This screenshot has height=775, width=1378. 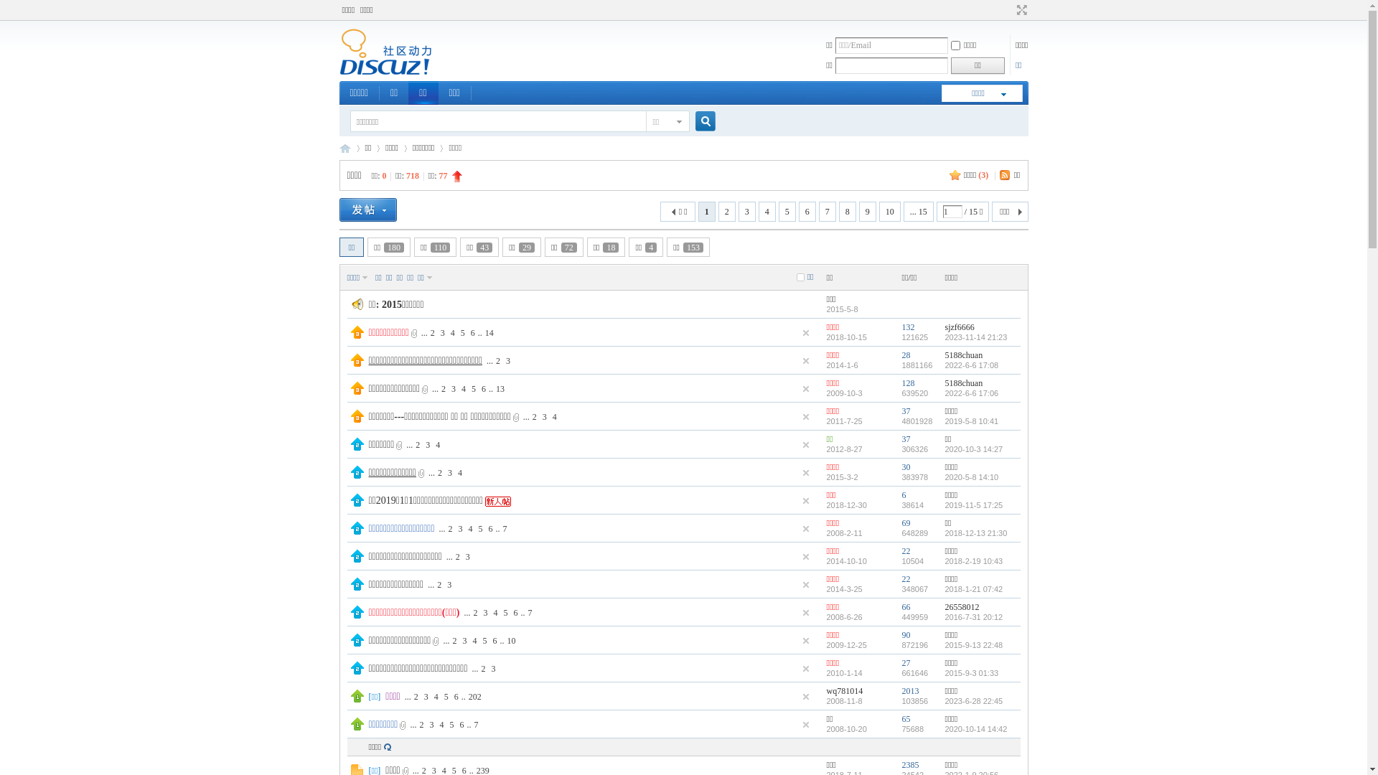 What do you see at coordinates (963, 354) in the screenshot?
I see `'5188chuan'` at bounding box center [963, 354].